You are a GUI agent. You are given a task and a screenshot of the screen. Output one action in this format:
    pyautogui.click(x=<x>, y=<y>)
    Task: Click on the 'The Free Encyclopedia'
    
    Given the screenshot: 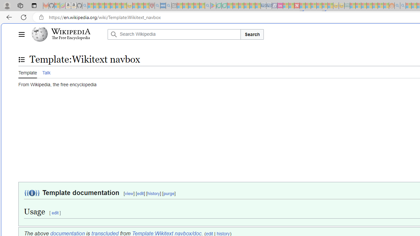 What is the action you would take?
    pyautogui.click(x=71, y=38)
    